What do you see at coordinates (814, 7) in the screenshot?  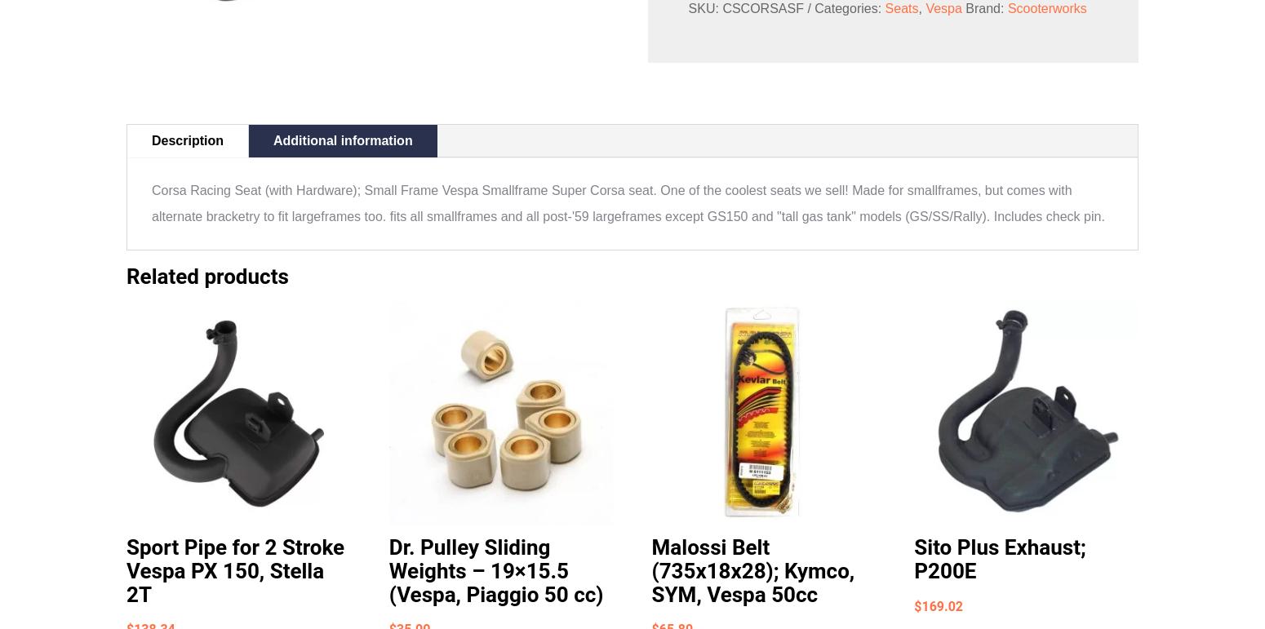 I see `'Categories:'` at bounding box center [814, 7].